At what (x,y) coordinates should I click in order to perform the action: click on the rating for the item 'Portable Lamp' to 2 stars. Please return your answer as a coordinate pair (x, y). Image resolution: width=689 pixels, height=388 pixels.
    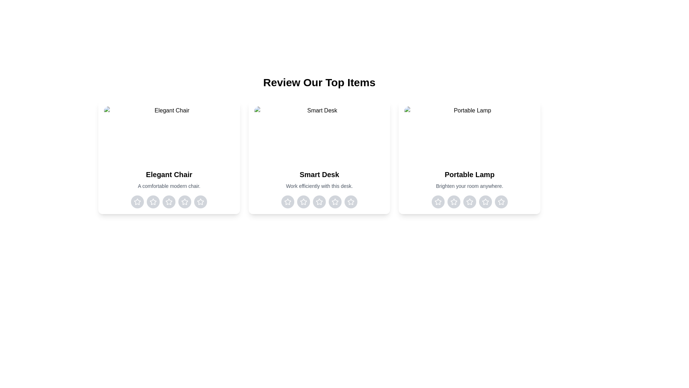
    Looking at the image, I should click on (453, 202).